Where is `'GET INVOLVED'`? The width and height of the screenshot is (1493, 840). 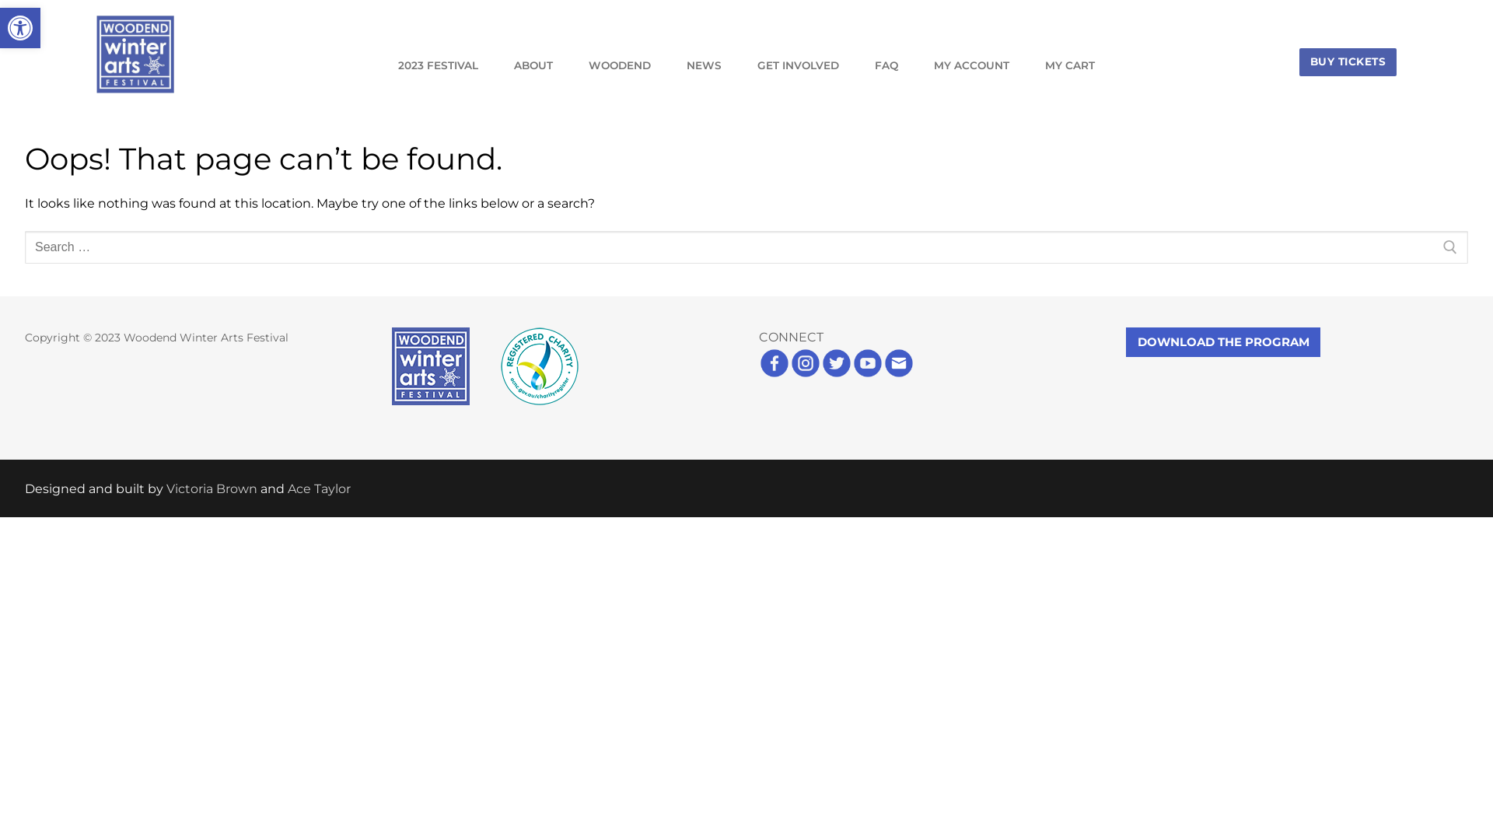
'GET INVOLVED' is located at coordinates (798, 65).